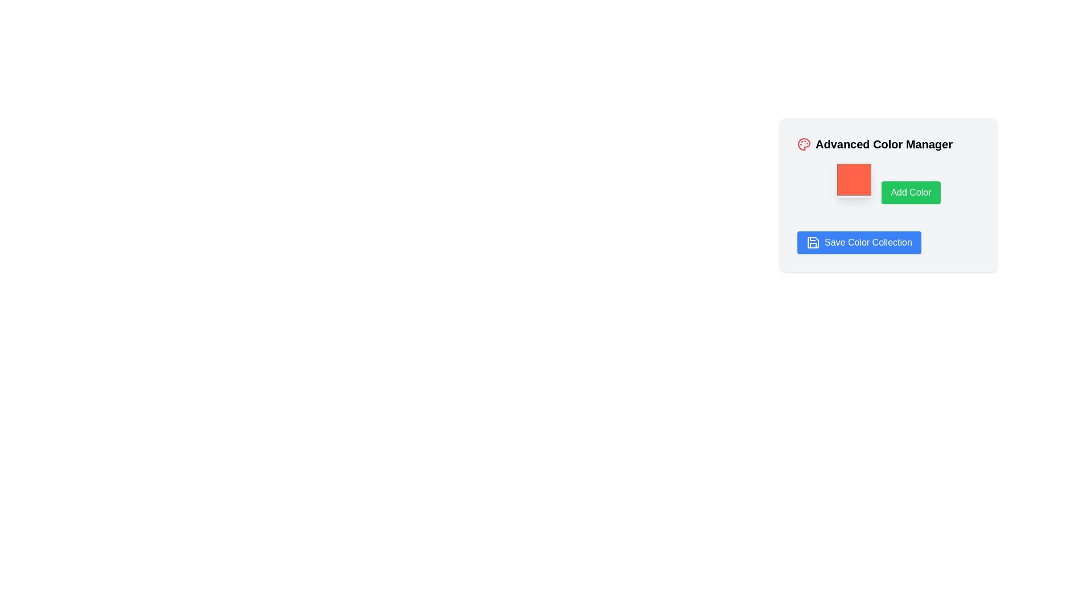  What do you see at coordinates (911, 192) in the screenshot?
I see `the button located below the red square color swatch in the 'Advanced Color Manager' section` at bounding box center [911, 192].